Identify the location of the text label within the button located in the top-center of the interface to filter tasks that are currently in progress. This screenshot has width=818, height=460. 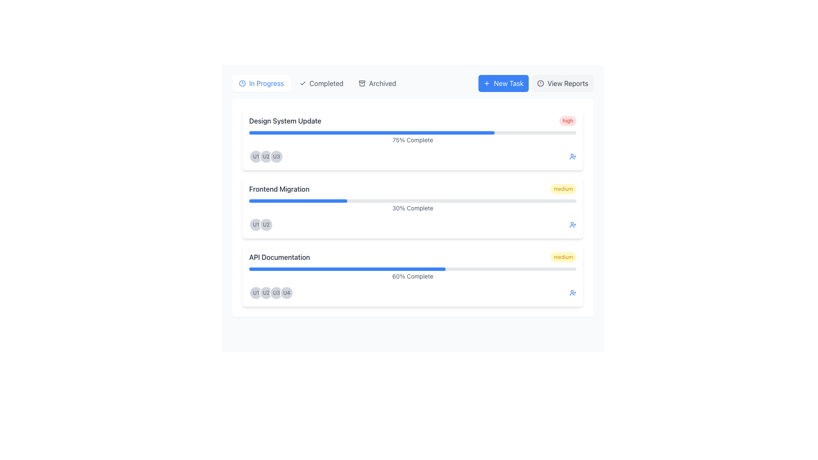
(266, 83).